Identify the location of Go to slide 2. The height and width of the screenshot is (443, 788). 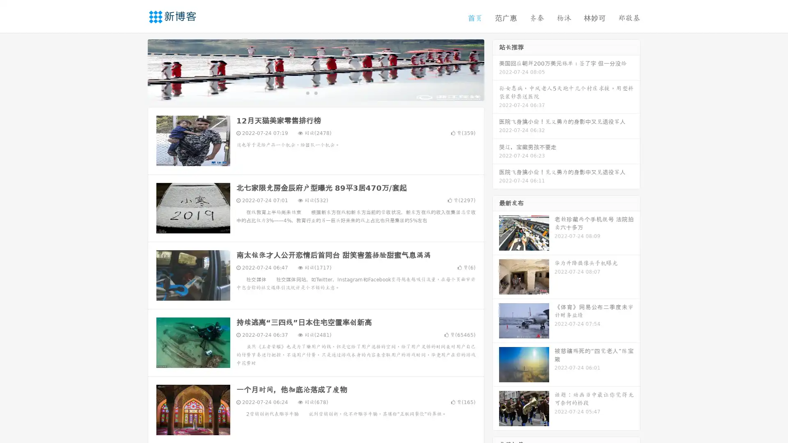
(315, 92).